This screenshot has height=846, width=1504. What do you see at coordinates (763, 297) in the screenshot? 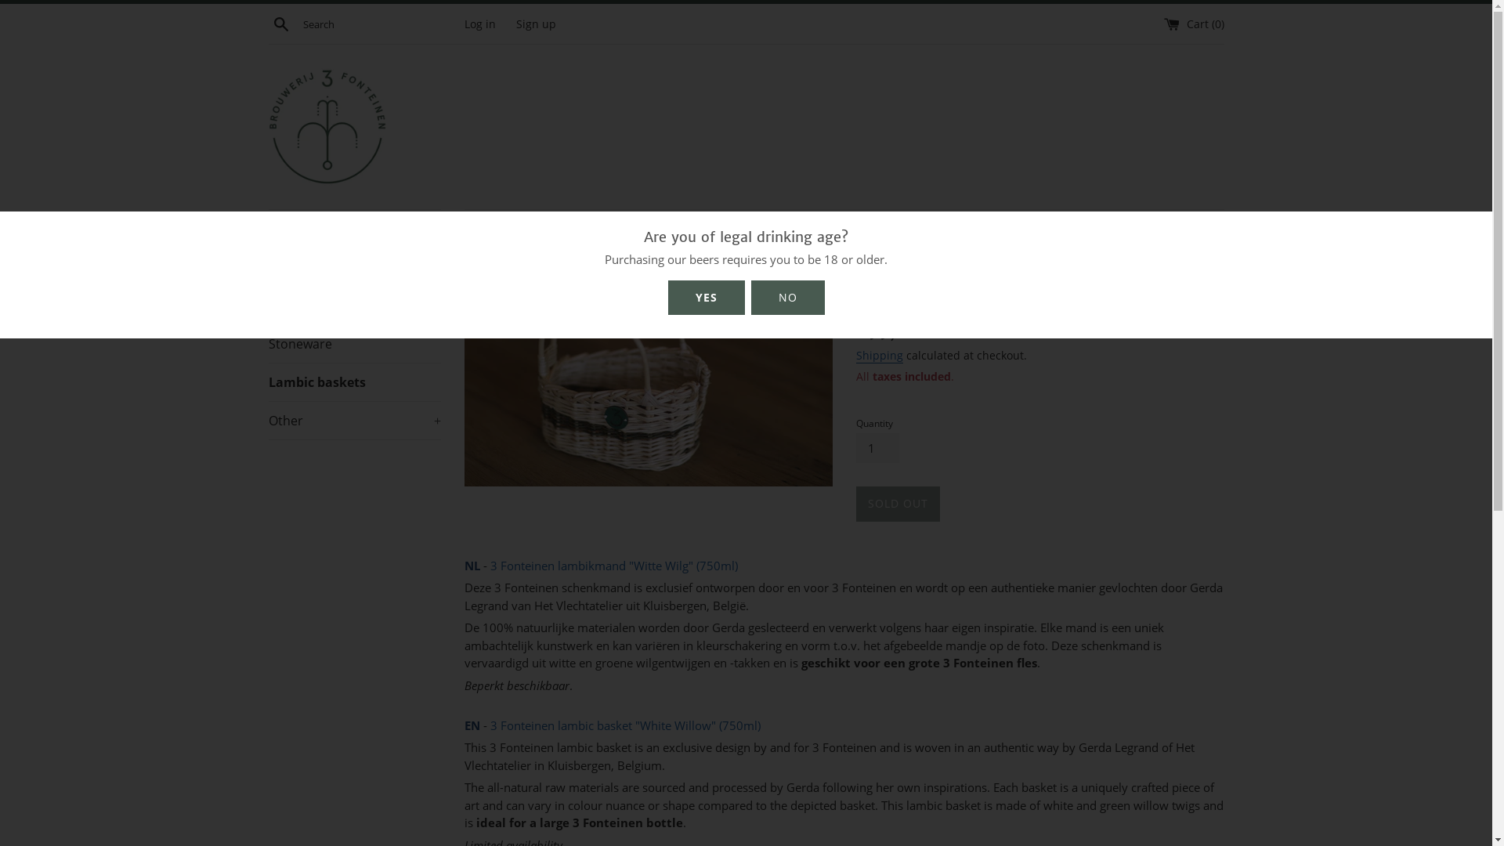
I see `'NO'` at bounding box center [763, 297].